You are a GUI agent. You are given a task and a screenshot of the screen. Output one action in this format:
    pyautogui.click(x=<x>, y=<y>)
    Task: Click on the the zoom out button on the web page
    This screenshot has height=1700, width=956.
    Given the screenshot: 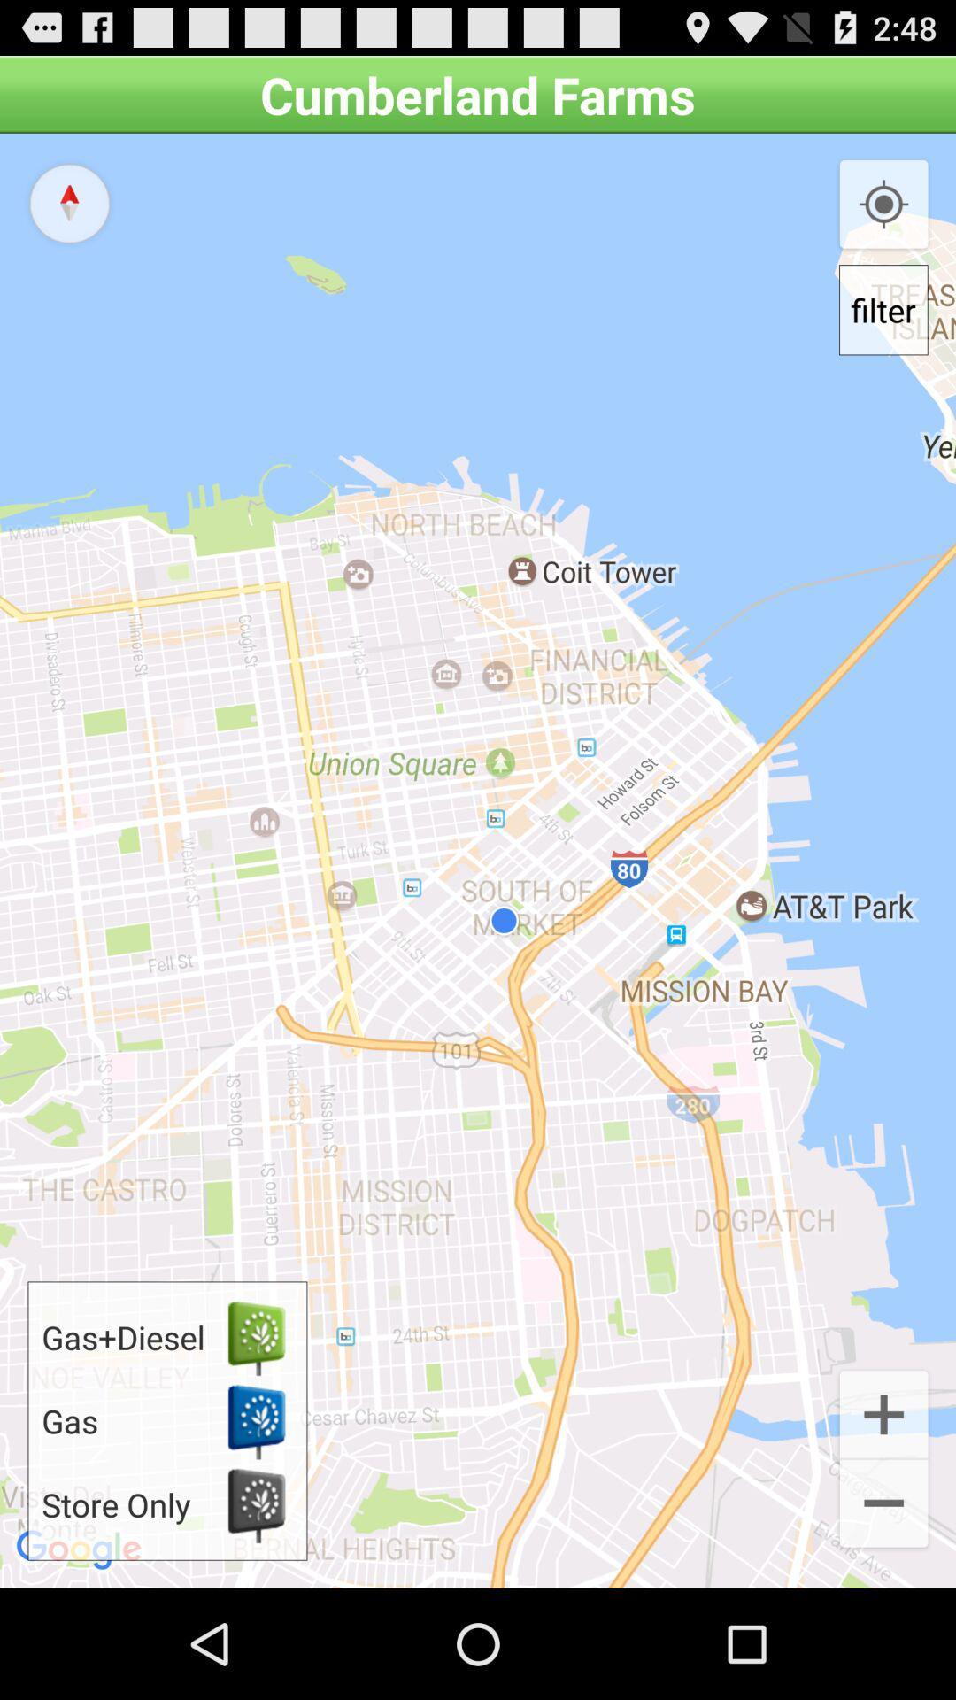 What is the action you would take?
    pyautogui.click(x=884, y=1504)
    